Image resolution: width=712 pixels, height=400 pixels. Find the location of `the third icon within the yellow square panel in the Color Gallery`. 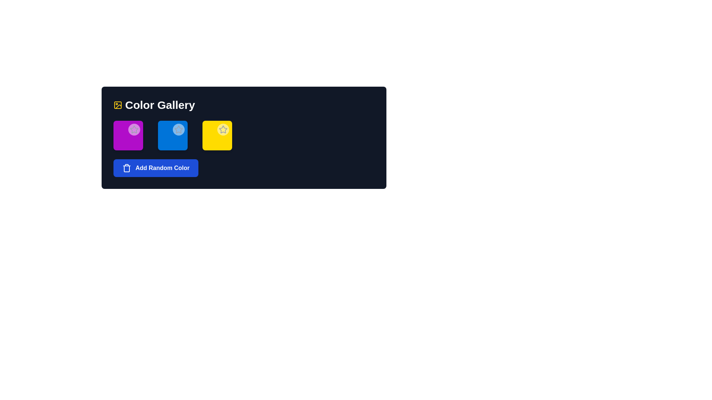

the third icon within the yellow square panel in the Color Gallery is located at coordinates (222, 129).